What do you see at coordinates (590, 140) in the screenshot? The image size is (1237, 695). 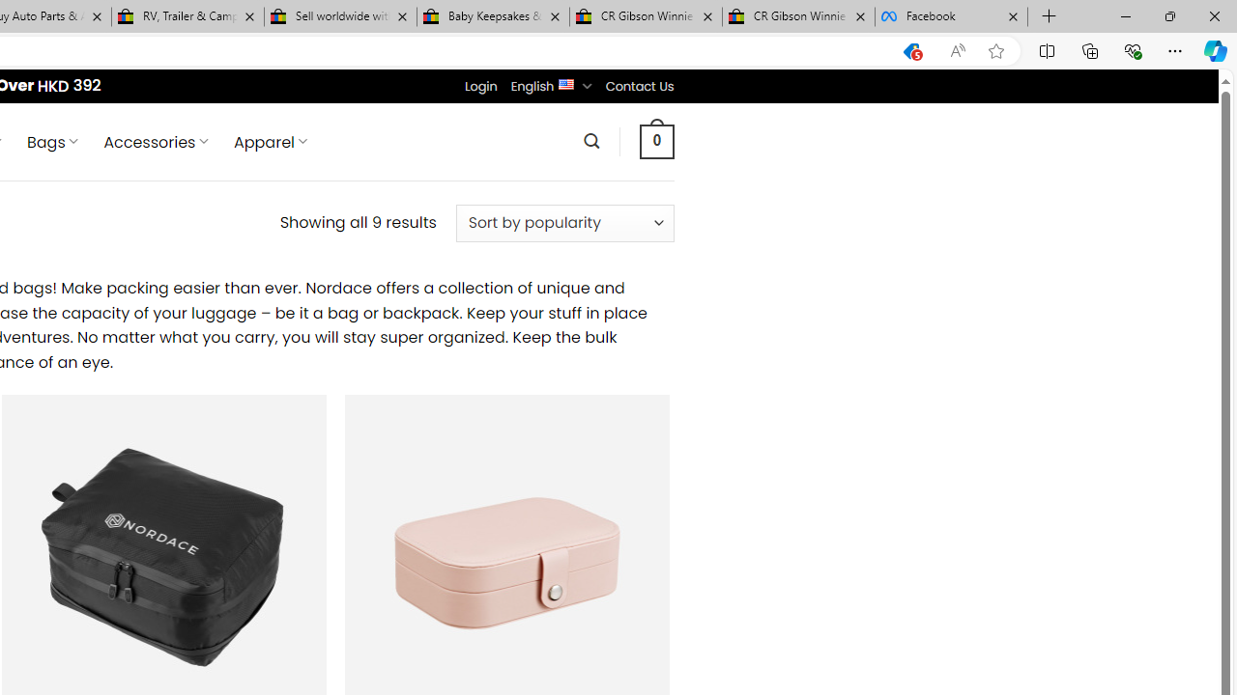 I see `'Search'` at bounding box center [590, 140].